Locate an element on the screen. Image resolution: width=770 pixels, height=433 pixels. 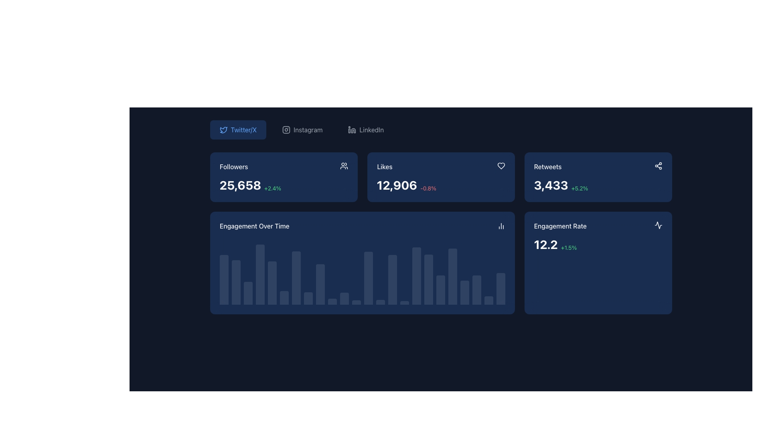
the white bar chart icon located in the top-right corner of the 'Engagement Over Time' section is located at coordinates (500, 226).